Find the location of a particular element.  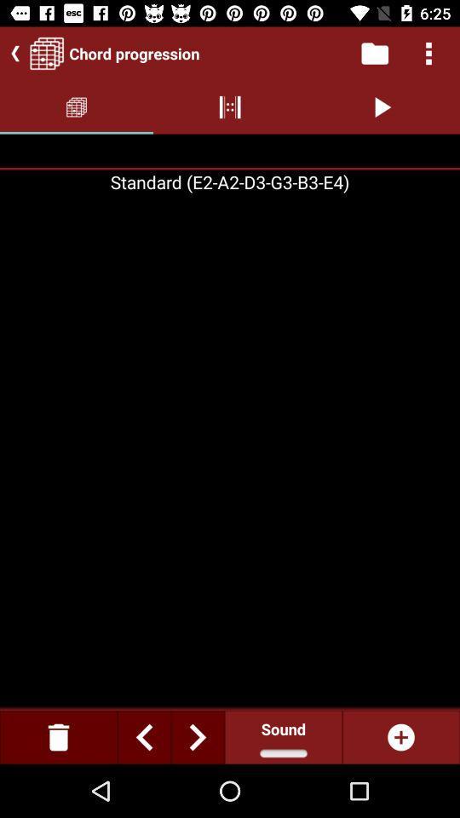

the arrow_backward icon is located at coordinates (11, 53).